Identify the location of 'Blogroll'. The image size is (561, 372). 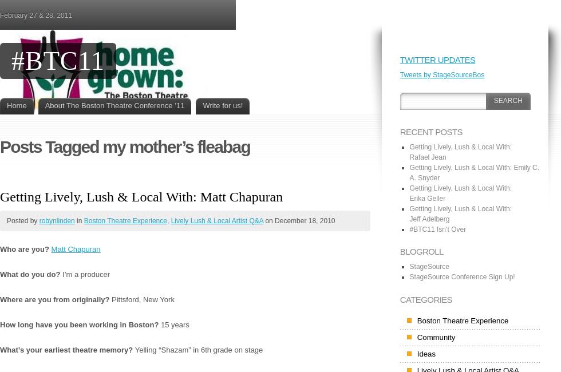
(421, 251).